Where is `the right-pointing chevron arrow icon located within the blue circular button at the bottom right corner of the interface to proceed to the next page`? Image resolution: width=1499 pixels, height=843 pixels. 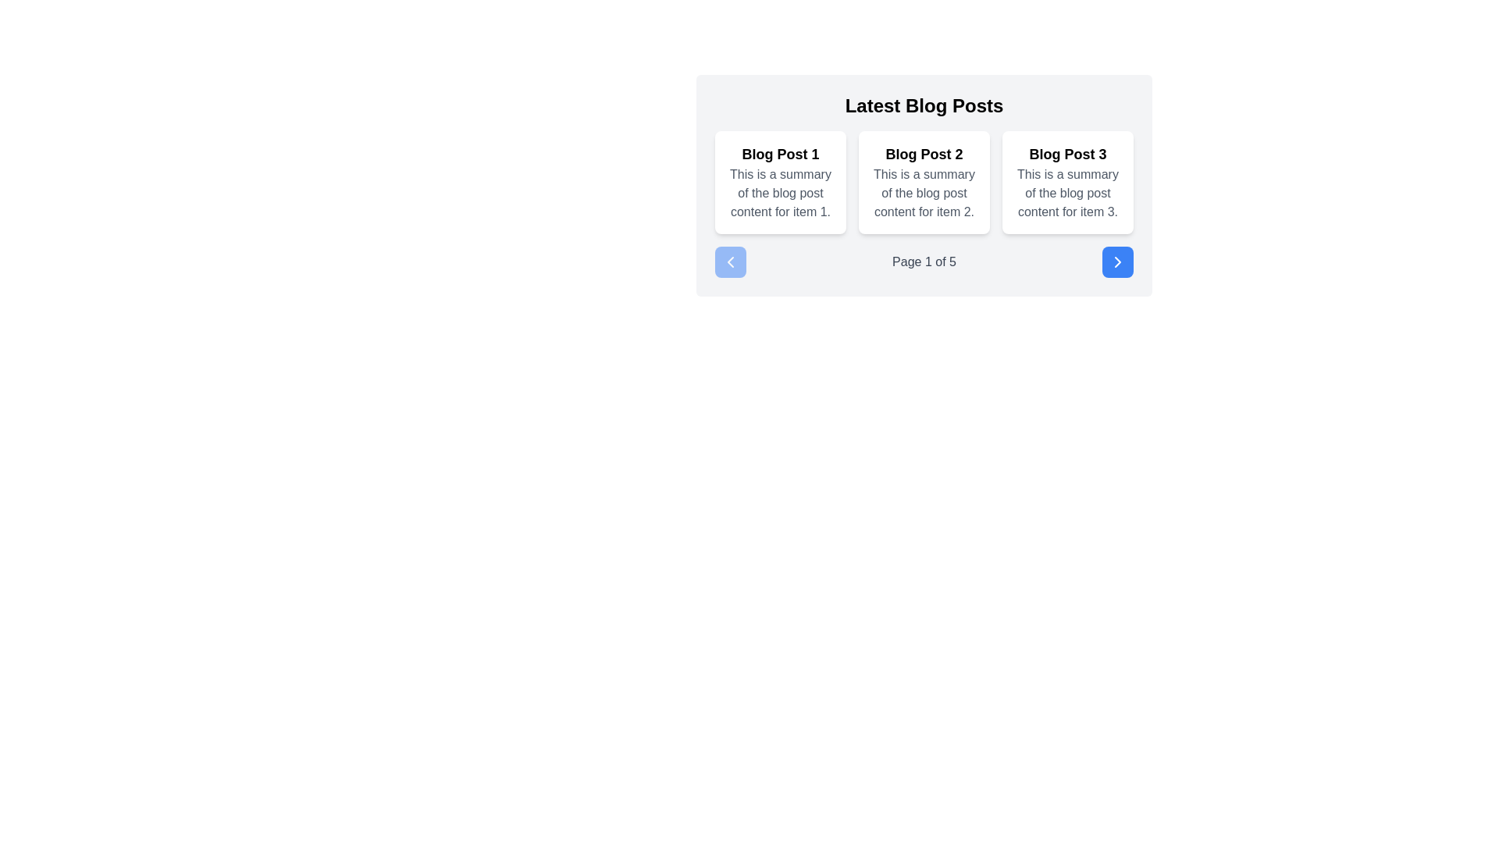 the right-pointing chevron arrow icon located within the blue circular button at the bottom right corner of the interface to proceed to the next page is located at coordinates (1116, 261).